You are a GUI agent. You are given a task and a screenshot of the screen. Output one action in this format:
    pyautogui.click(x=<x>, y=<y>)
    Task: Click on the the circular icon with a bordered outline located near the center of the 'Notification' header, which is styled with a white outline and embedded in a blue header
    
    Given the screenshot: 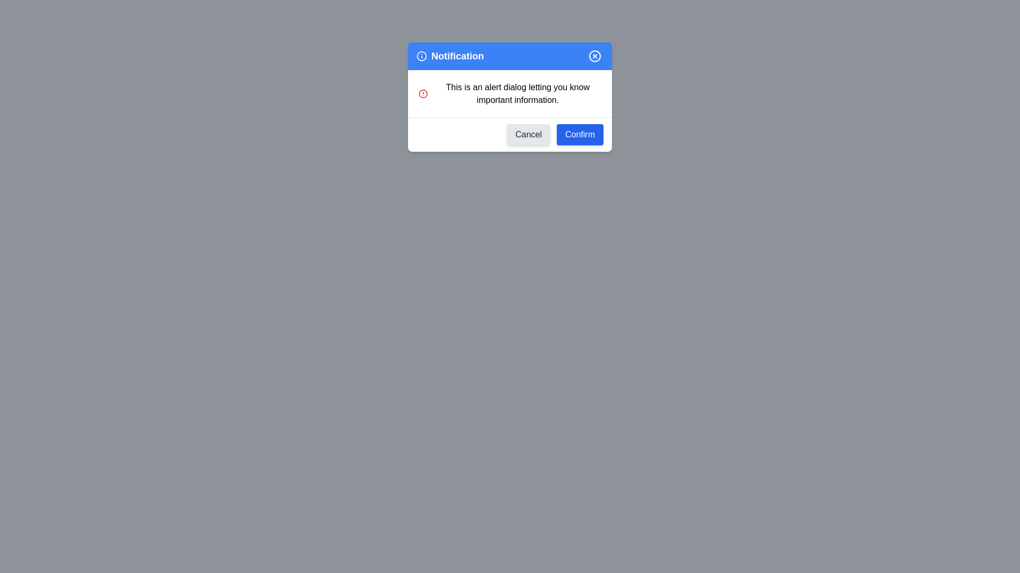 What is the action you would take?
    pyautogui.click(x=421, y=56)
    